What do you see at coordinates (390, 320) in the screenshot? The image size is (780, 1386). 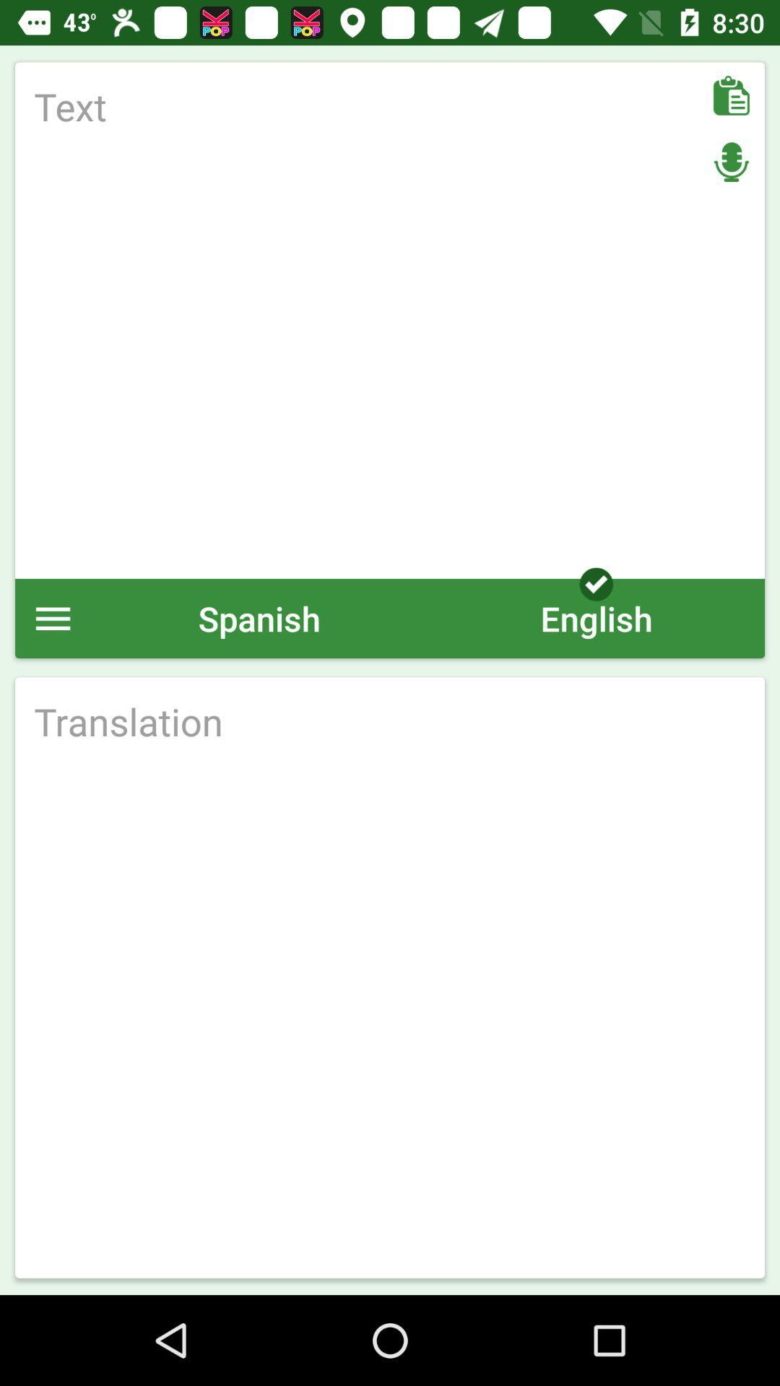 I see `no te quedes sin palabras` at bounding box center [390, 320].